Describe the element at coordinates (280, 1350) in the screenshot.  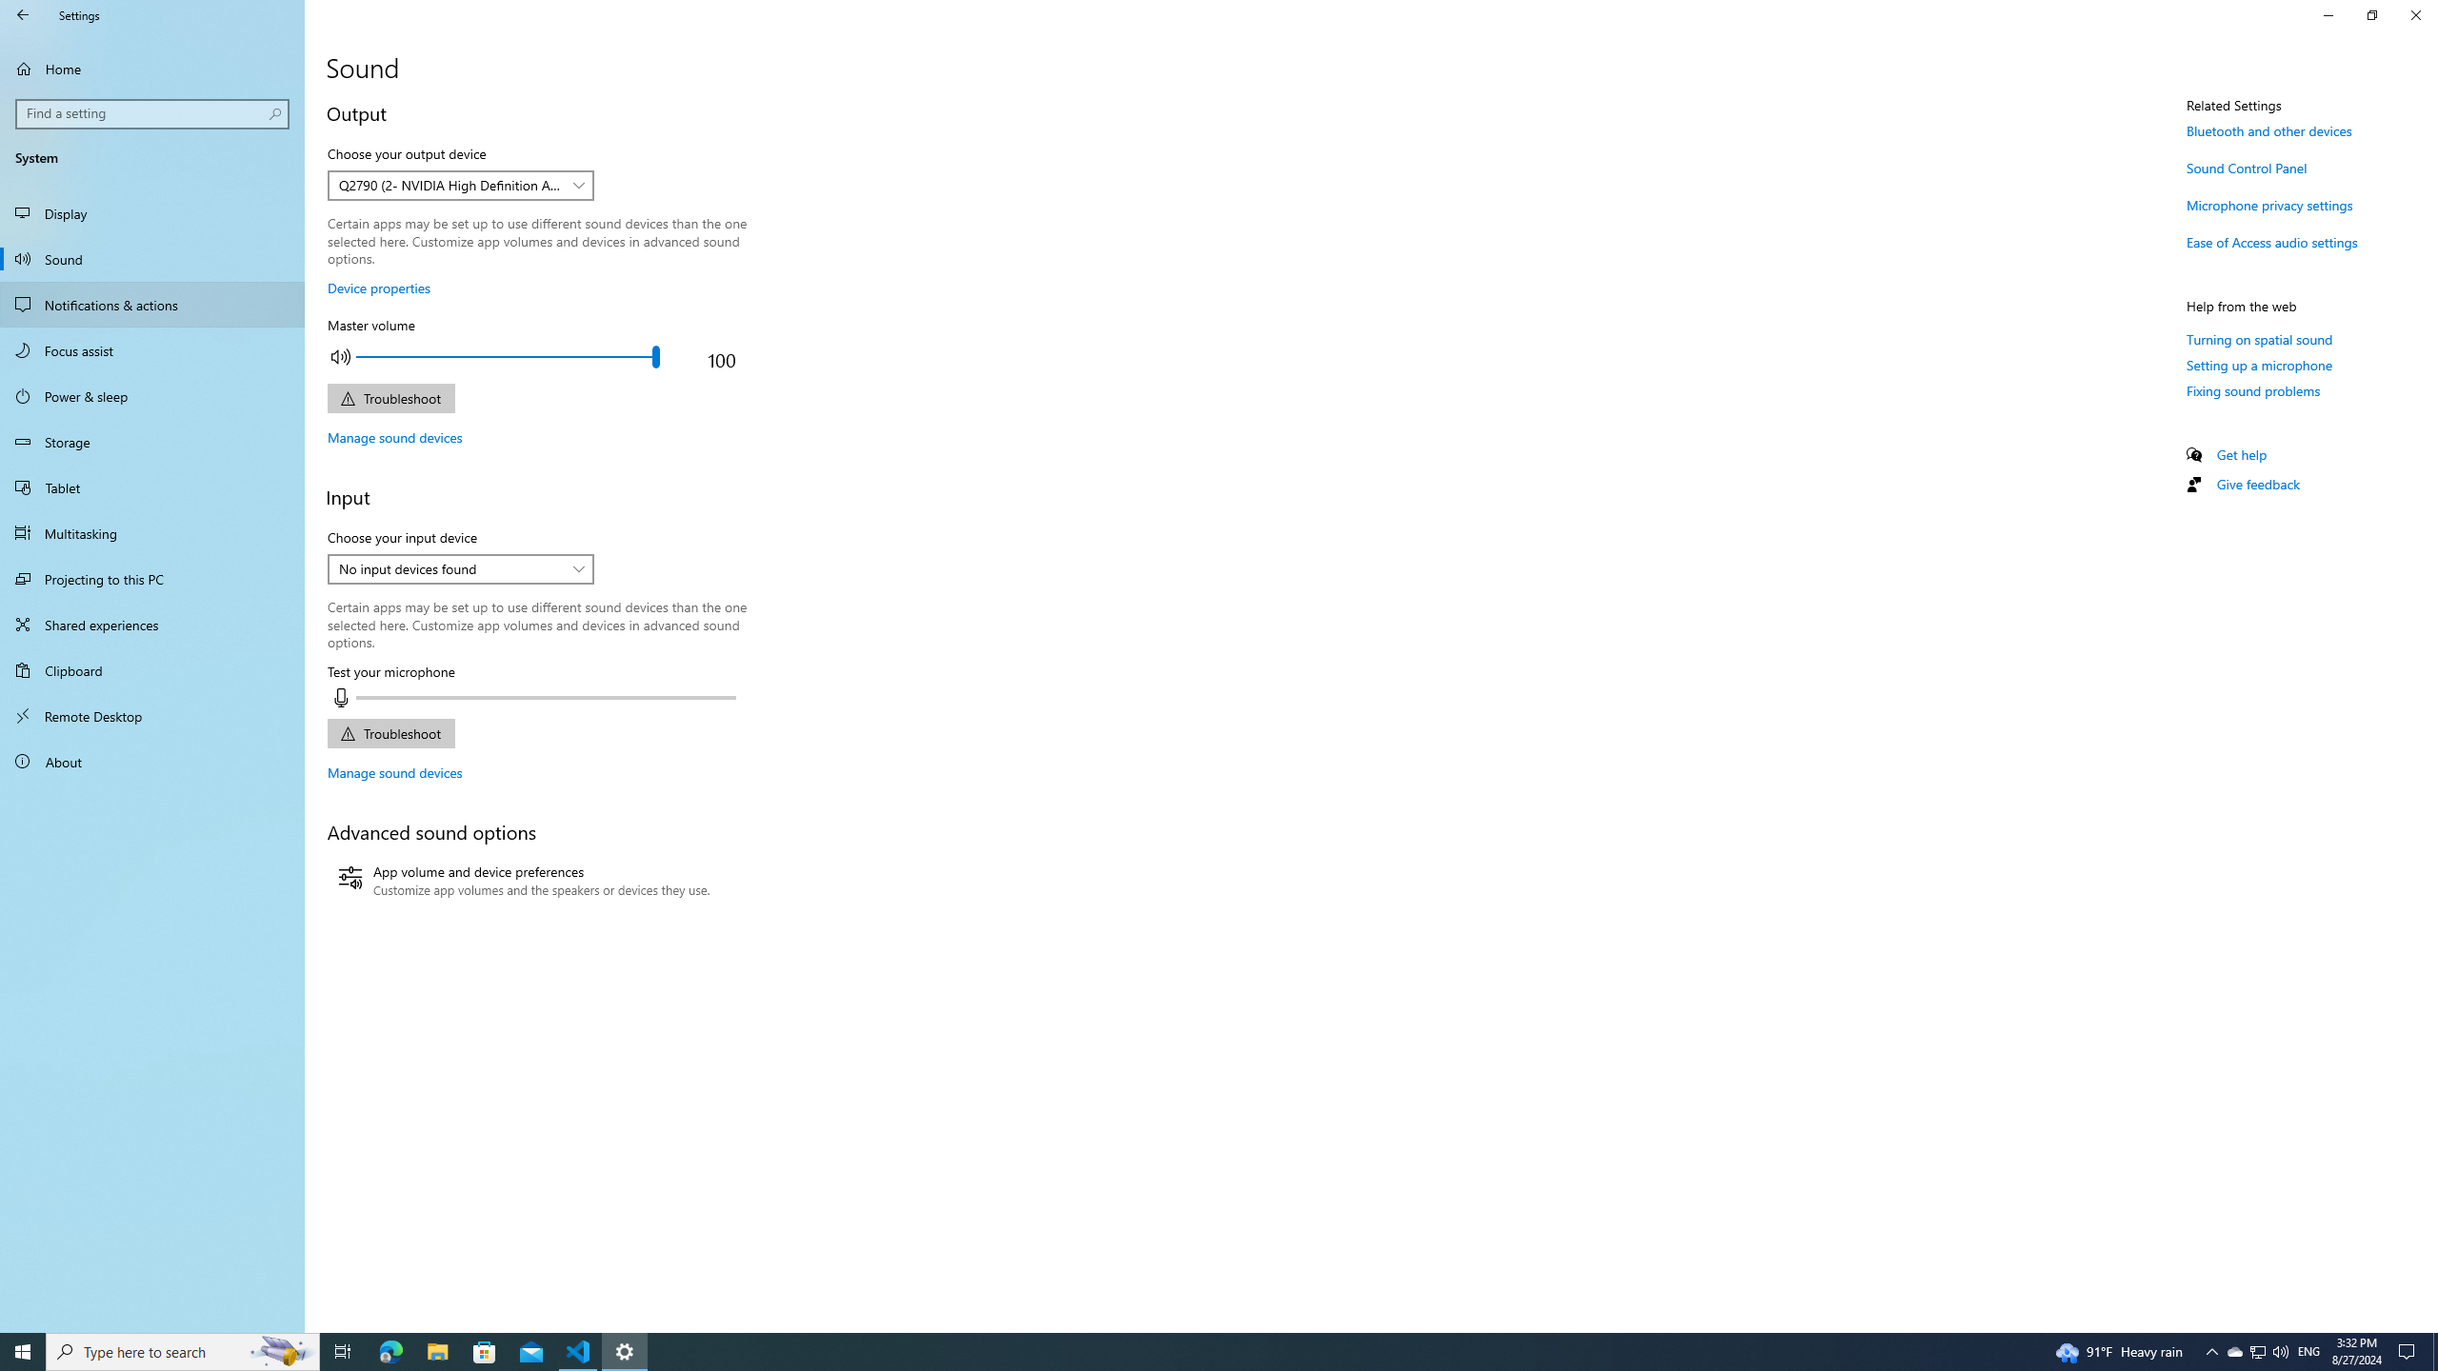
I see `'Search highlights icon opens search home window'` at that location.